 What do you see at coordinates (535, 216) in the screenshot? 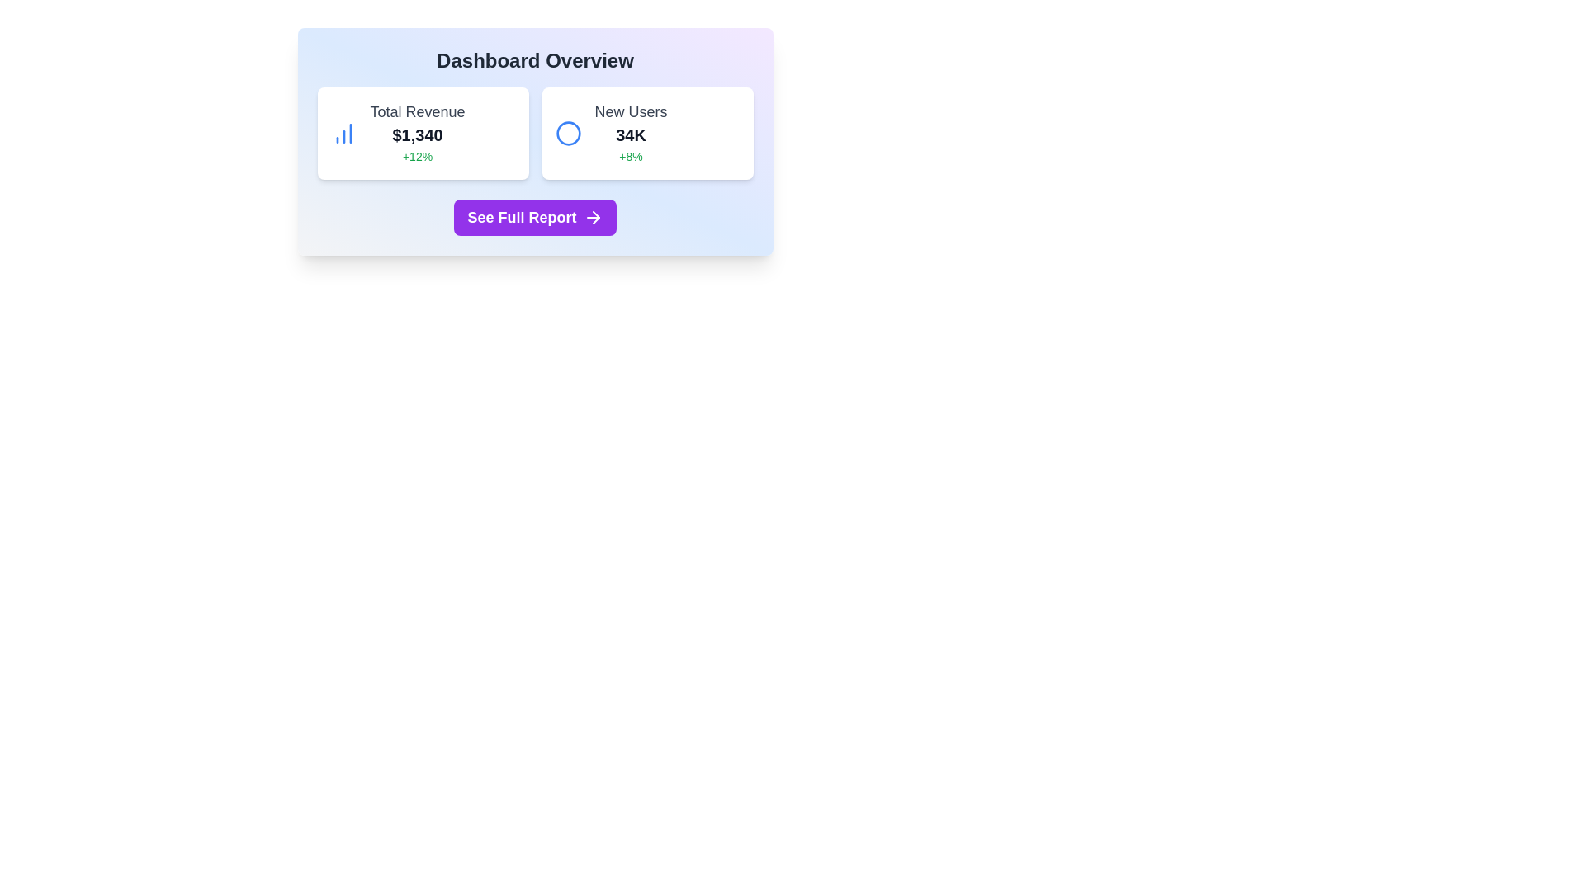
I see `the rectangular button with a purple background and white text that reads 'See Full Report' to trigger a visual effect` at bounding box center [535, 216].